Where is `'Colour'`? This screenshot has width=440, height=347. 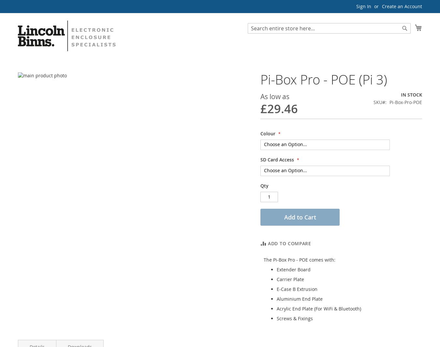
'Colour' is located at coordinates (268, 133).